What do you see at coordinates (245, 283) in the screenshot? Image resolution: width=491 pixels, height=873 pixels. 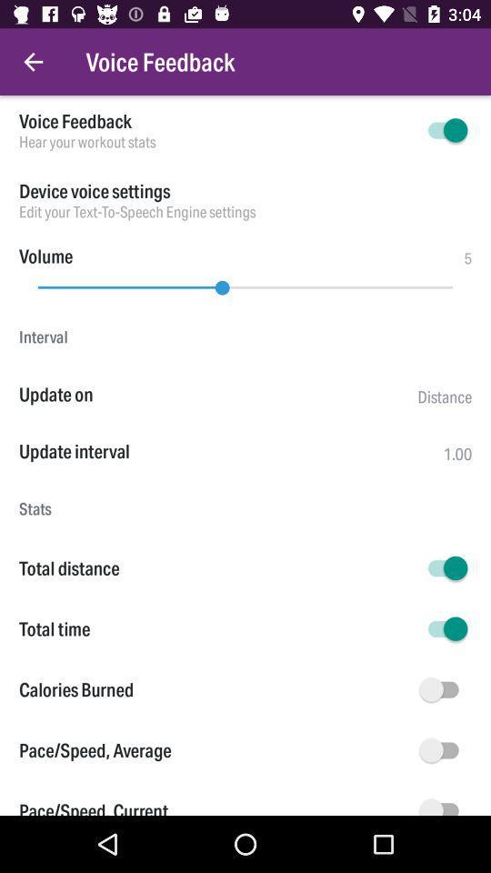 I see `the item above the interval` at bounding box center [245, 283].